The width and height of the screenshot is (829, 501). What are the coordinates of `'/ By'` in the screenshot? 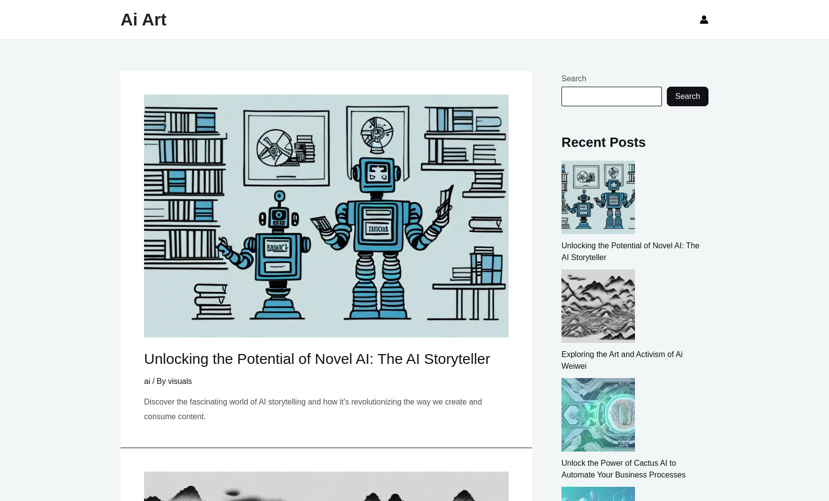 It's located at (149, 381).